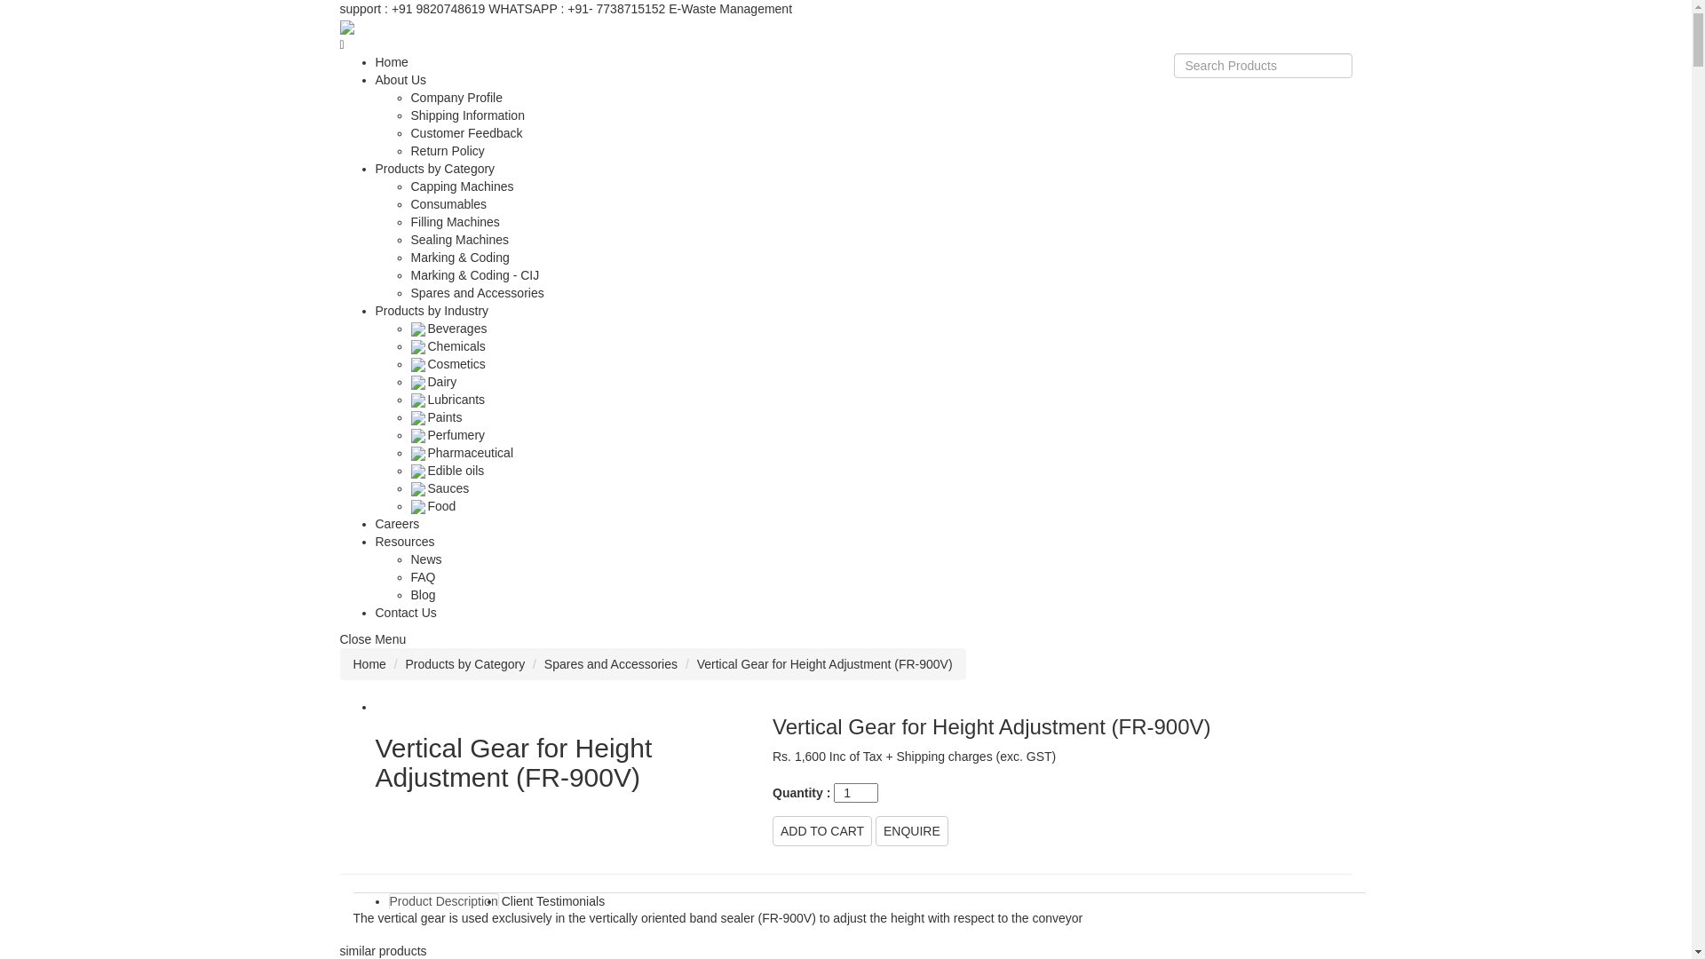 This screenshot has height=959, width=1705. What do you see at coordinates (448, 329) in the screenshot?
I see `'Beverages'` at bounding box center [448, 329].